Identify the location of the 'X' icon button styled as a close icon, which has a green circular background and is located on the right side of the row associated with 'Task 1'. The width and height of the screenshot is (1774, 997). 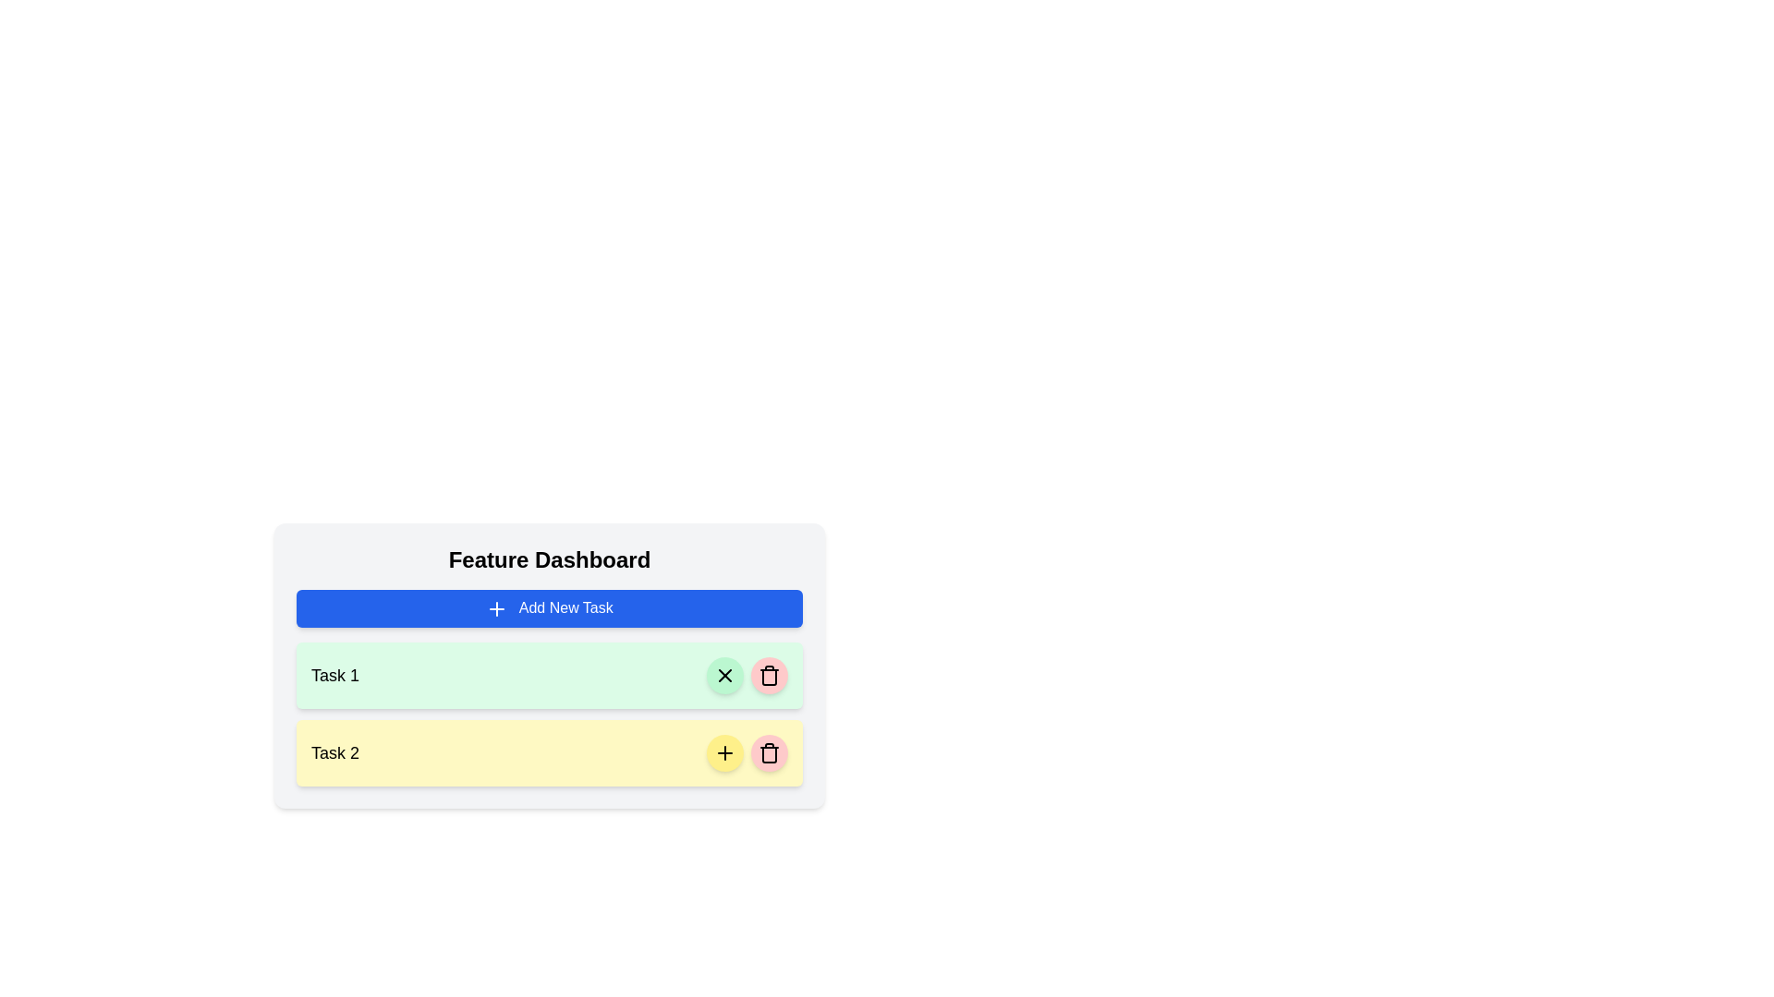
(724, 675).